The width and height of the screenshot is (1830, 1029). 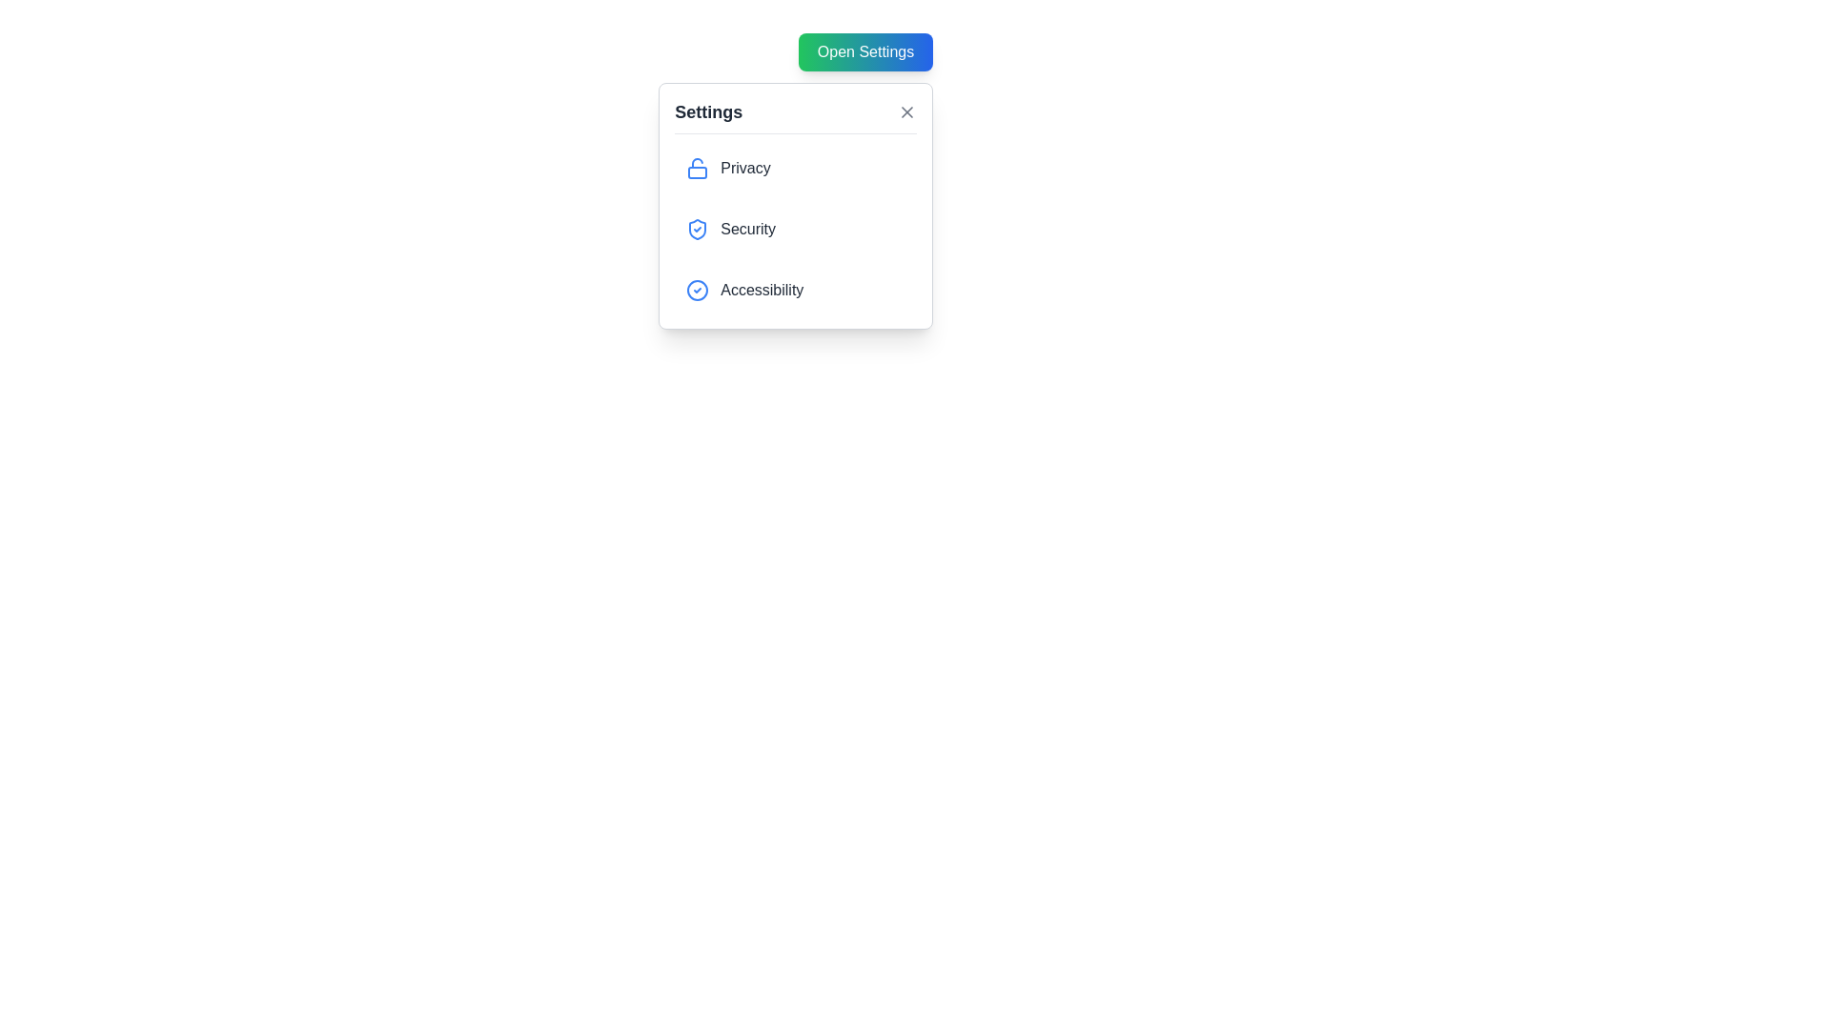 What do you see at coordinates (906, 112) in the screenshot?
I see `the close button located at the top-right corner of the 'Settings' modal dialog to observe hover effects` at bounding box center [906, 112].